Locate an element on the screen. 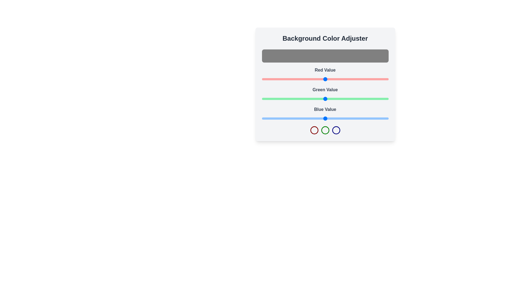  the blue slider to set the blue value to 131 is located at coordinates (327, 118).